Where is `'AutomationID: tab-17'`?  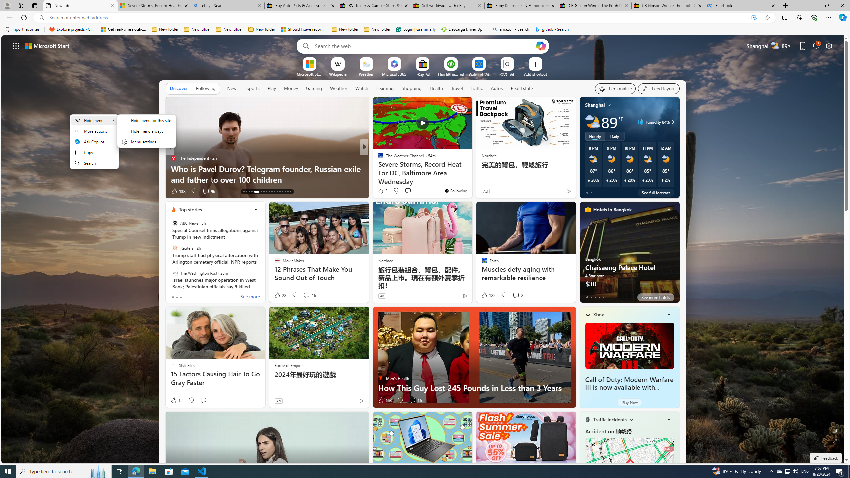 'AutomationID: tab-17' is located at coordinates (257, 192).